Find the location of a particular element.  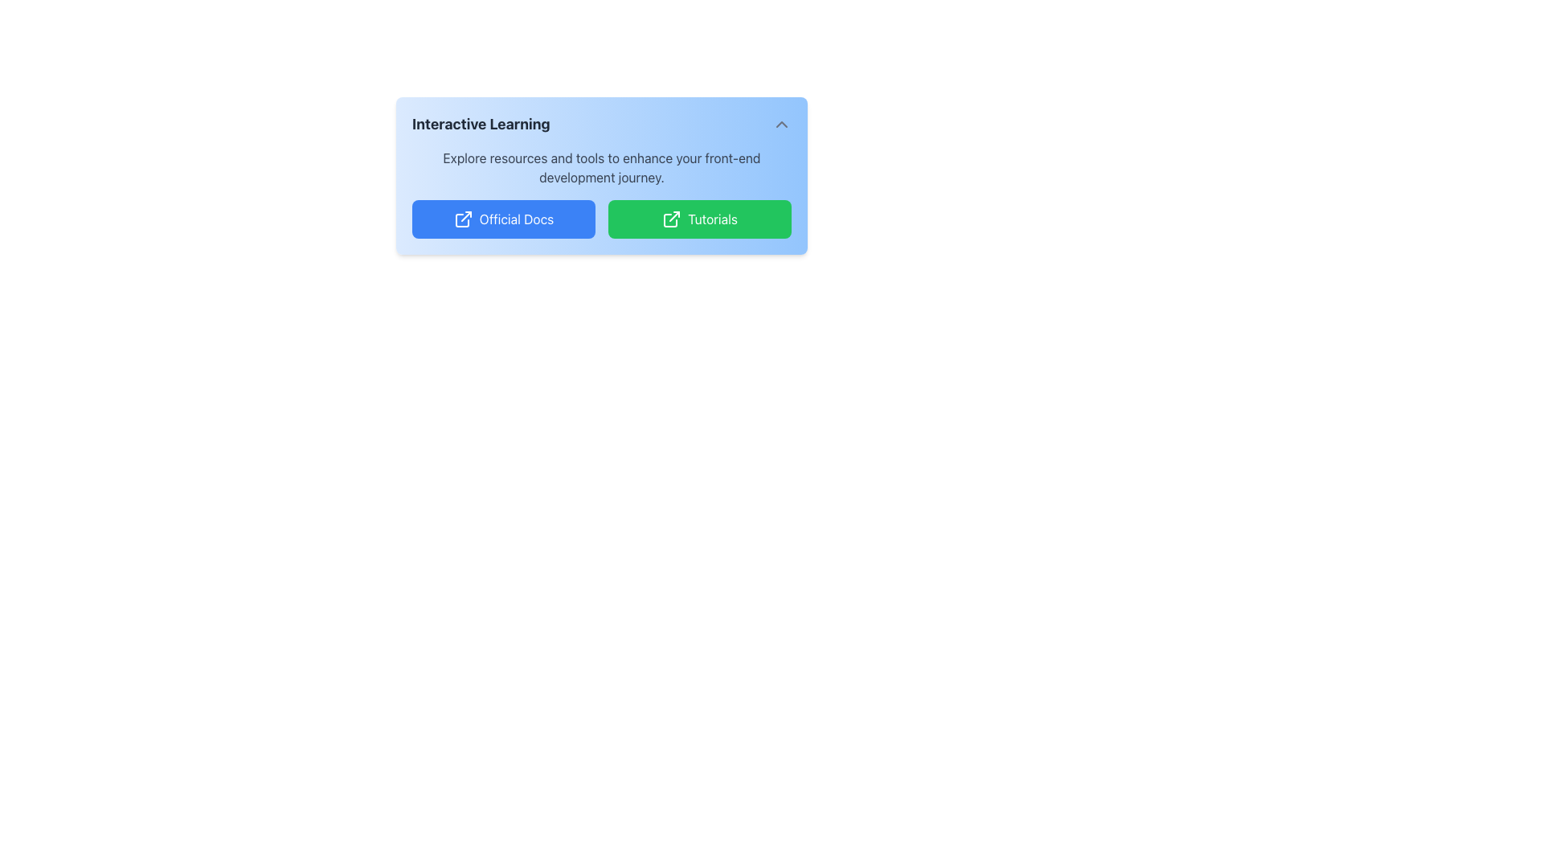

the gray block of text located immediately below the 'Interactive Learning' heading, which is centrally positioned above the 'Official Docs' and 'Tutorials' buttons is located at coordinates (600, 167).